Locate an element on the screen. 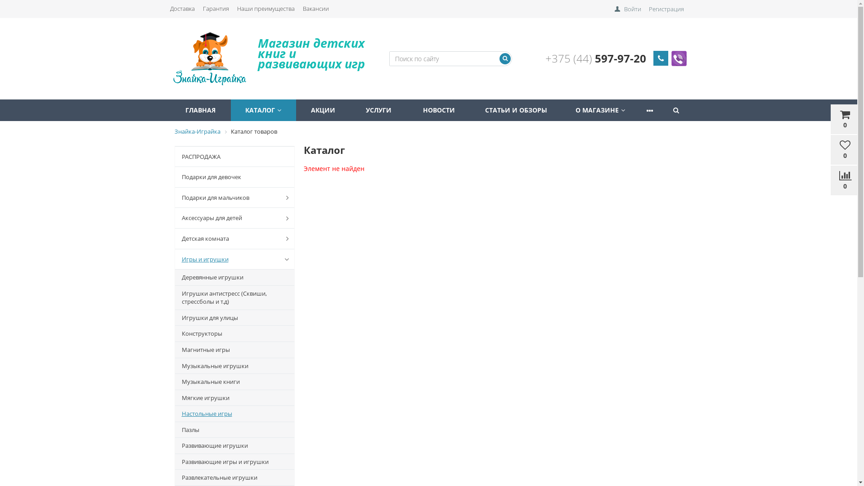 This screenshot has width=864, height=486. '0' is located at coordinates (830, 180).